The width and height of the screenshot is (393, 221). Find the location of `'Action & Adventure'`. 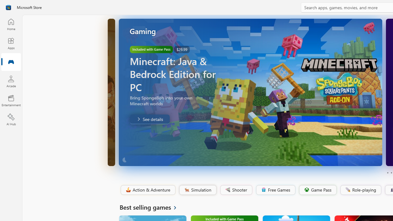

'Action & Adventure' is located at coordinates (147, 190).